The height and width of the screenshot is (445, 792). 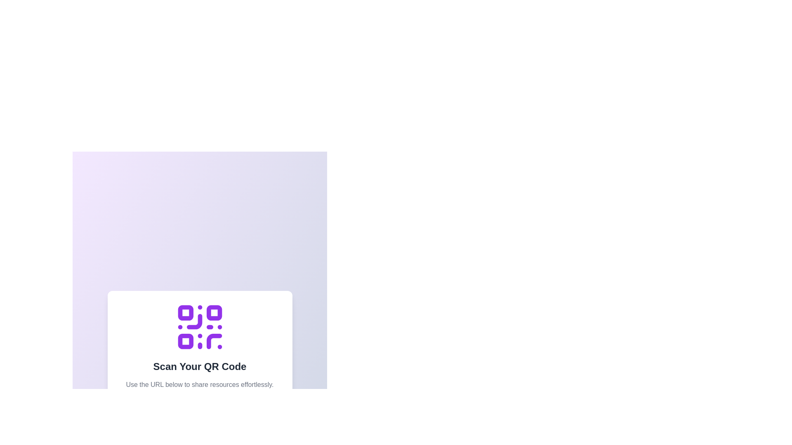 I want to click on the SVG rectangle located in the top-left region of the QR code, so click(x=185, y=313).